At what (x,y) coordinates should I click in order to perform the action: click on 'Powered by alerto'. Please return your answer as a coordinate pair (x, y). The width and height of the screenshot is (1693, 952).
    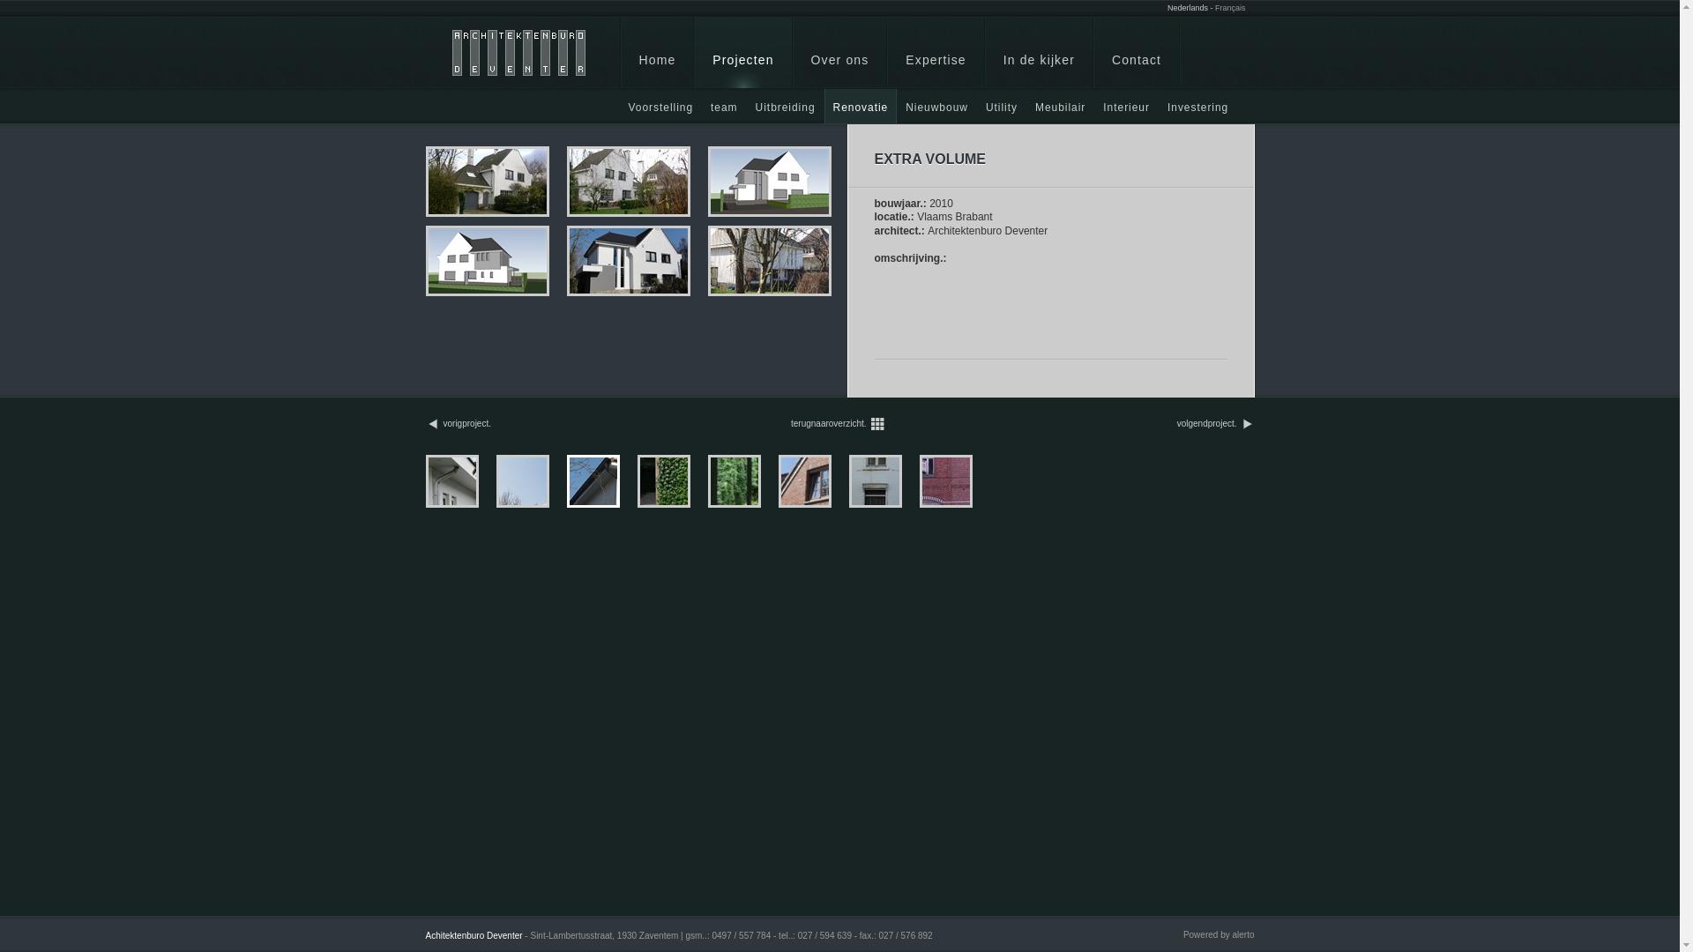
    Looking at the image, I should click on (1183, 933).